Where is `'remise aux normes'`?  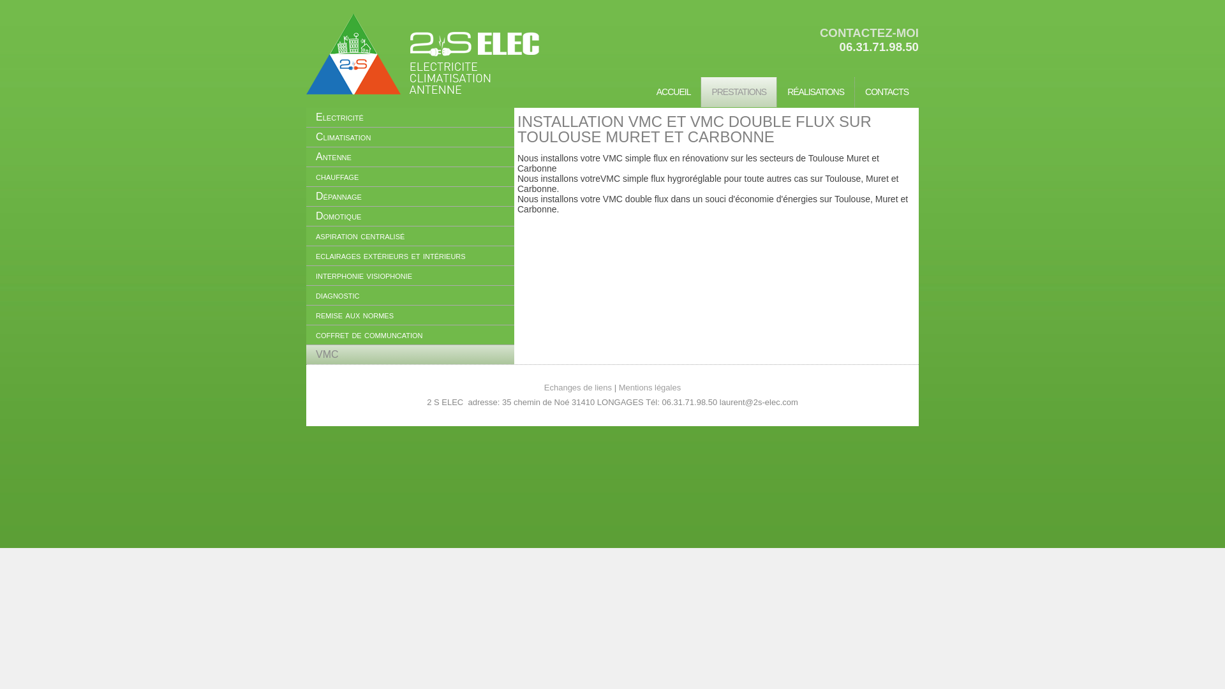
'remise aux normes' is located at coordinates (410, 315).